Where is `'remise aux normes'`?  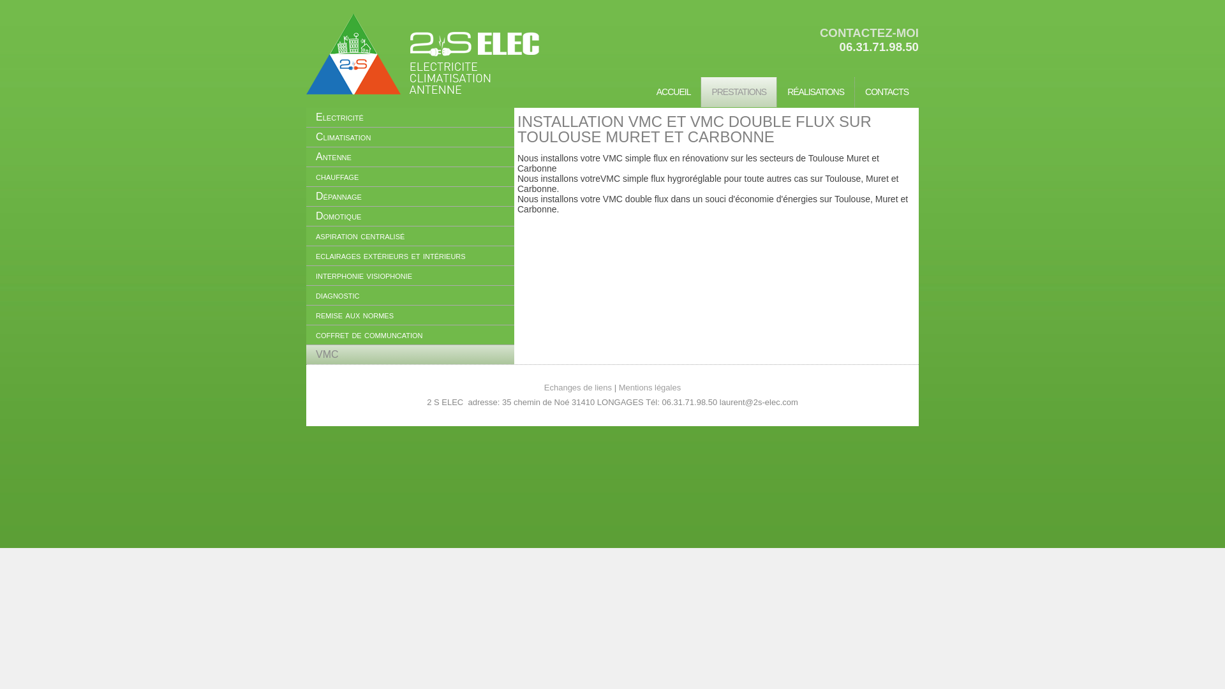
'remise aux normes' is located at coordinates (410, 315).